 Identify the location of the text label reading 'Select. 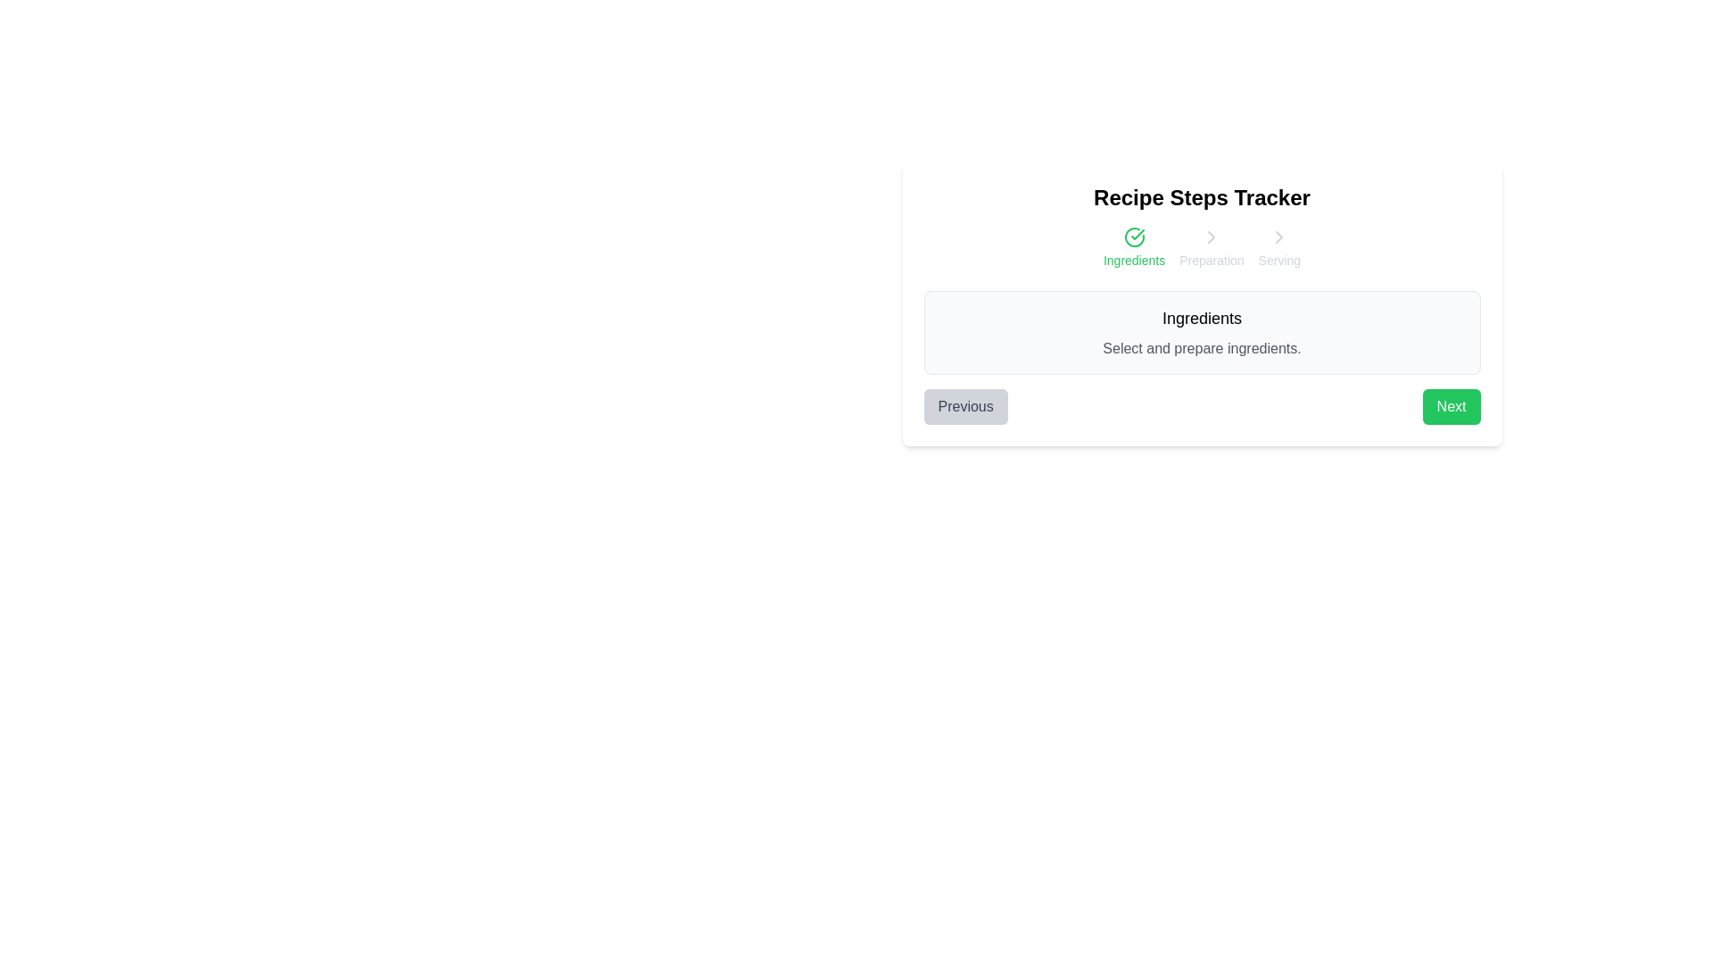
(1202, 348).